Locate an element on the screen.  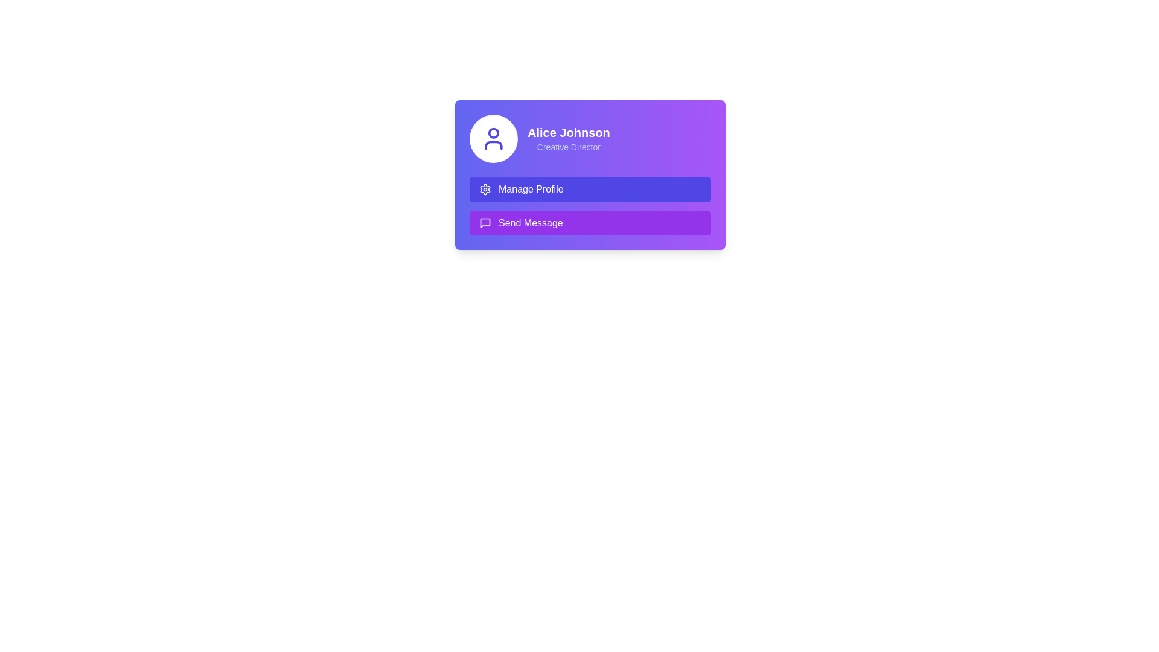
the settings icon located inside the 'Manage Profile' button, which is positioned below the header containing the name 'Alice Johnson' is located at coordinates (485, 189).